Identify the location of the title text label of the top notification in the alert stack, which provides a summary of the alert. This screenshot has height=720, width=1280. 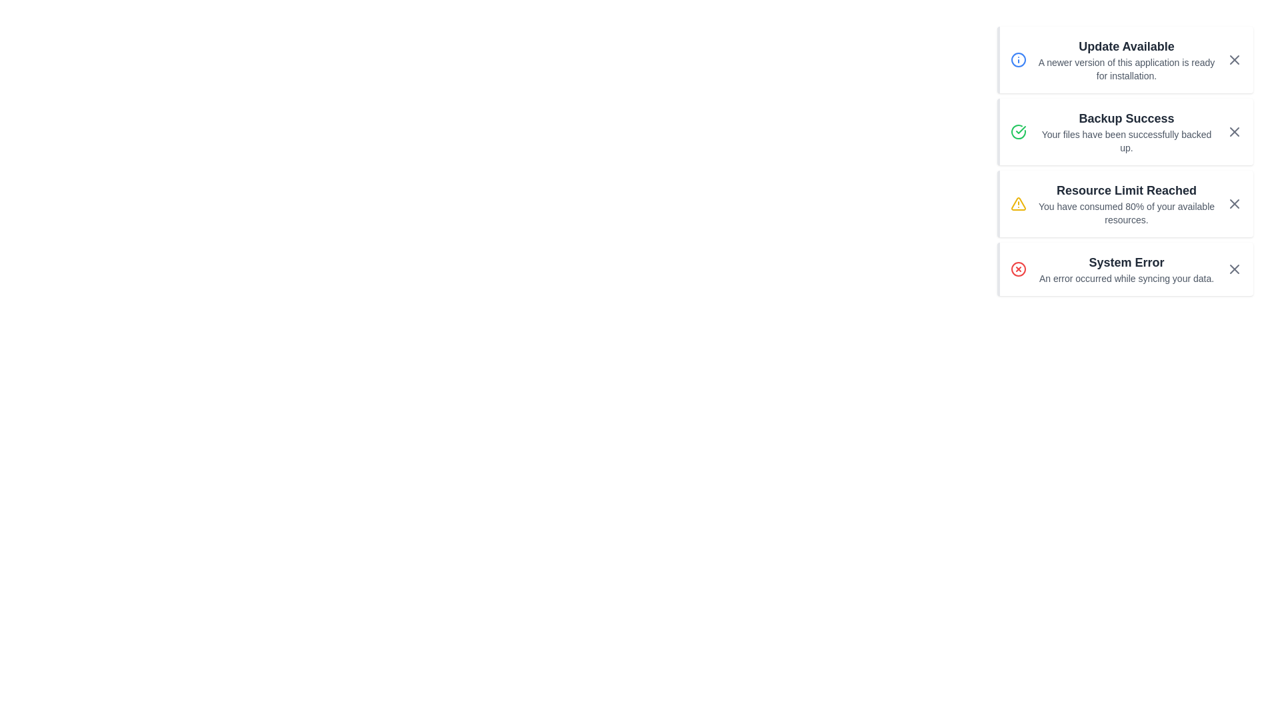
(1125, 45).